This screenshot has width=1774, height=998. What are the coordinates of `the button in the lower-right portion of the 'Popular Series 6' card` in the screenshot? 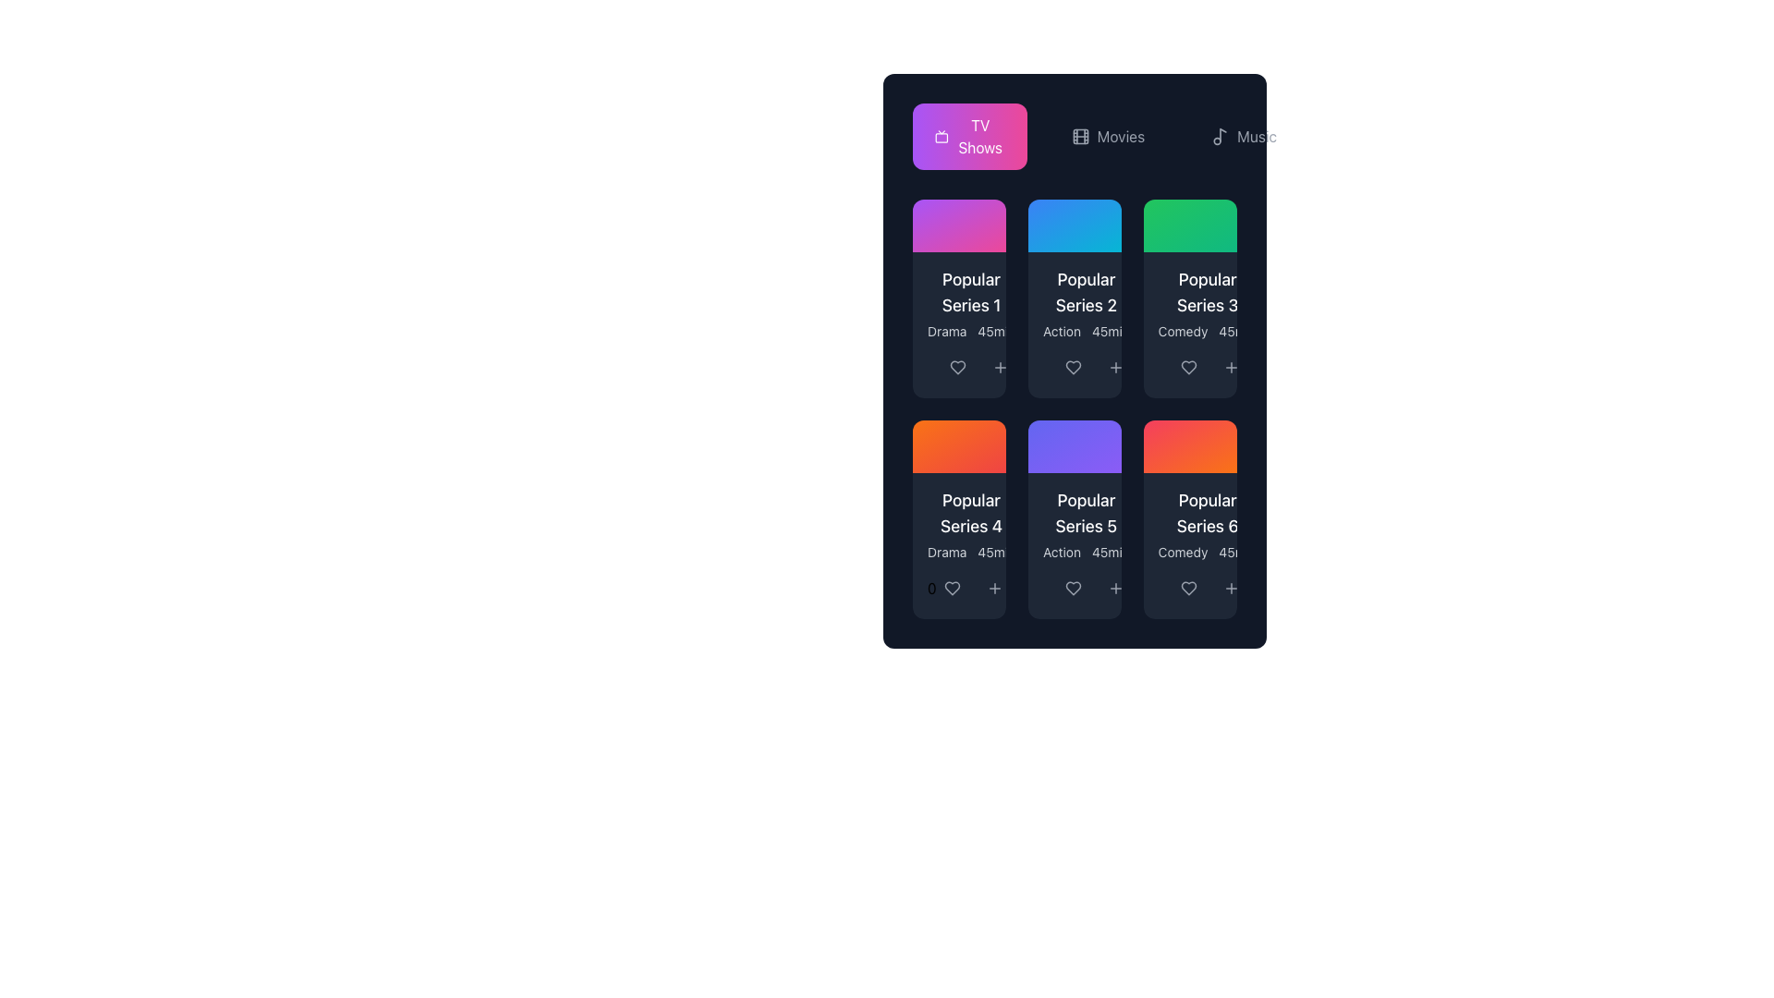 It's located at (1232, 588).